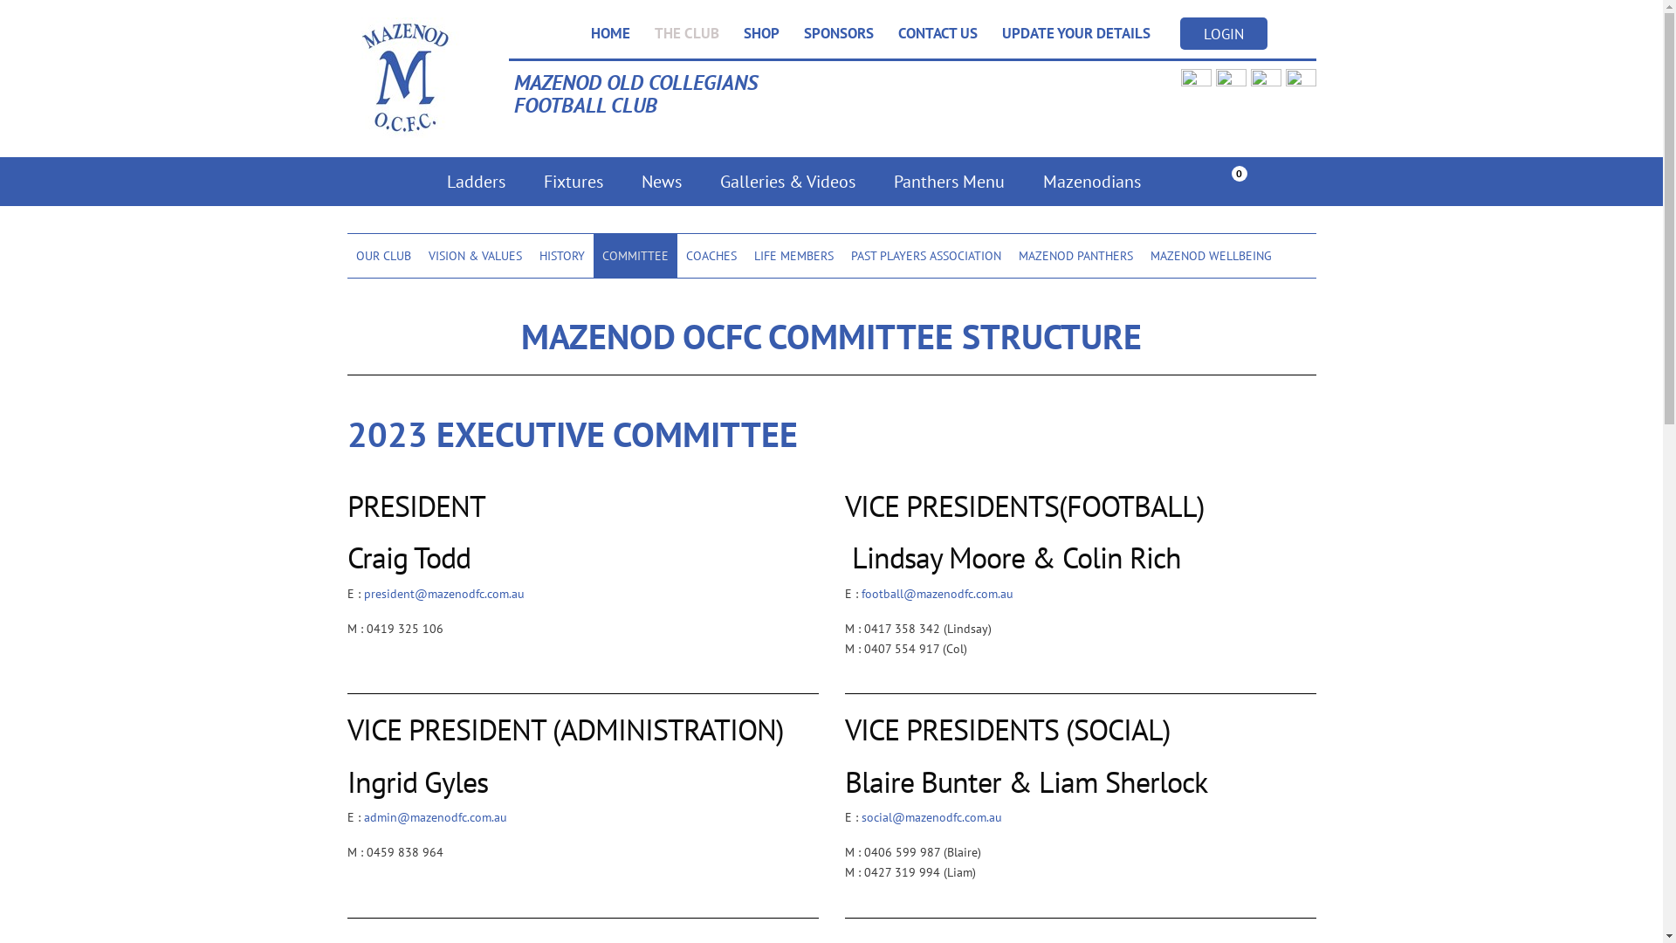  Describe the element at coordinates (1180, 33) in the screenshot. I see `'LOGIN'` at that location.